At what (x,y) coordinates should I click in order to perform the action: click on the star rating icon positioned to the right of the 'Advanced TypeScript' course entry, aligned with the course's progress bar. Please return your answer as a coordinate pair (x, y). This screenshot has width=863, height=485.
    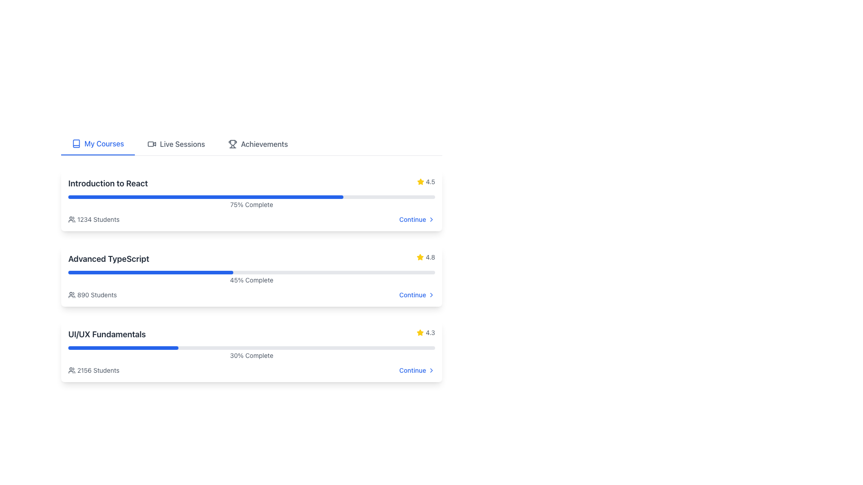
    Looking at the image, I should click on (420, 181).